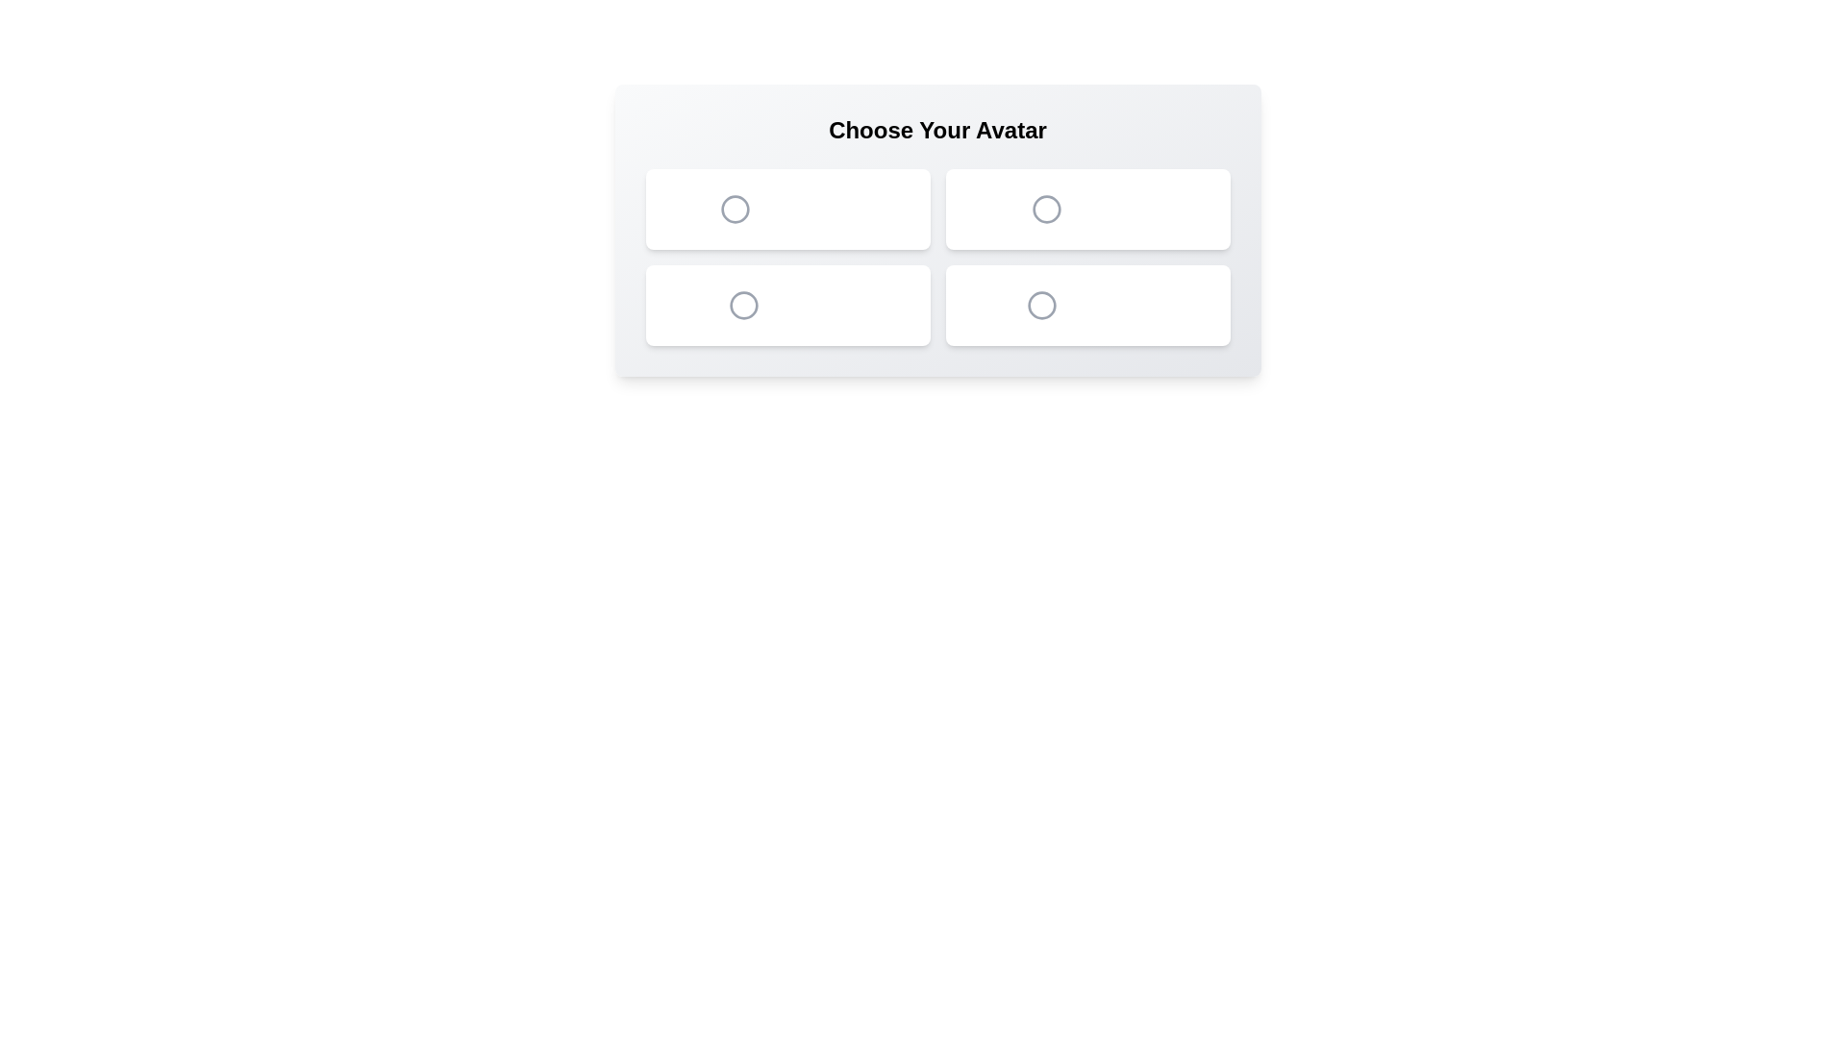 Image resolution: width=1846 pixels, height=1038 pixels. I want to click on the 'Adventurer' avatar selection button located in the top-left corner of the avatar selection grid, so click(787, 210).